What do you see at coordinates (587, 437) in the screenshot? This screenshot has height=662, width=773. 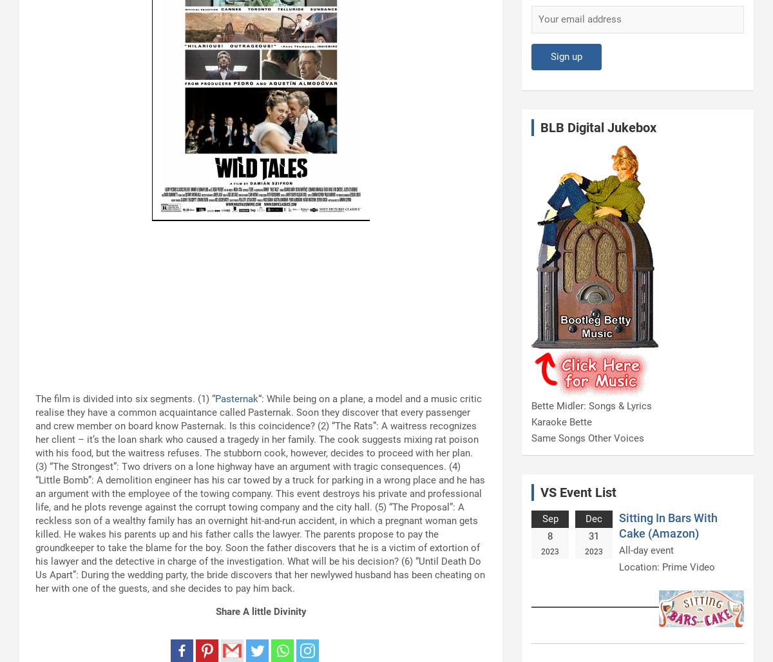 I see `'Same Songs Other Voices'` at bounding box center [587, 437].